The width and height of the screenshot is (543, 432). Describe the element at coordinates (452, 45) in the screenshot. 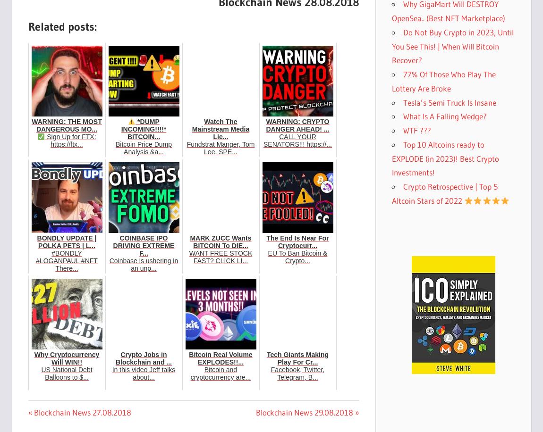

I see `'Do Not Buy Crypto in 2023, Until You See This! | When Will Bitcoin Recover?'` at that location.